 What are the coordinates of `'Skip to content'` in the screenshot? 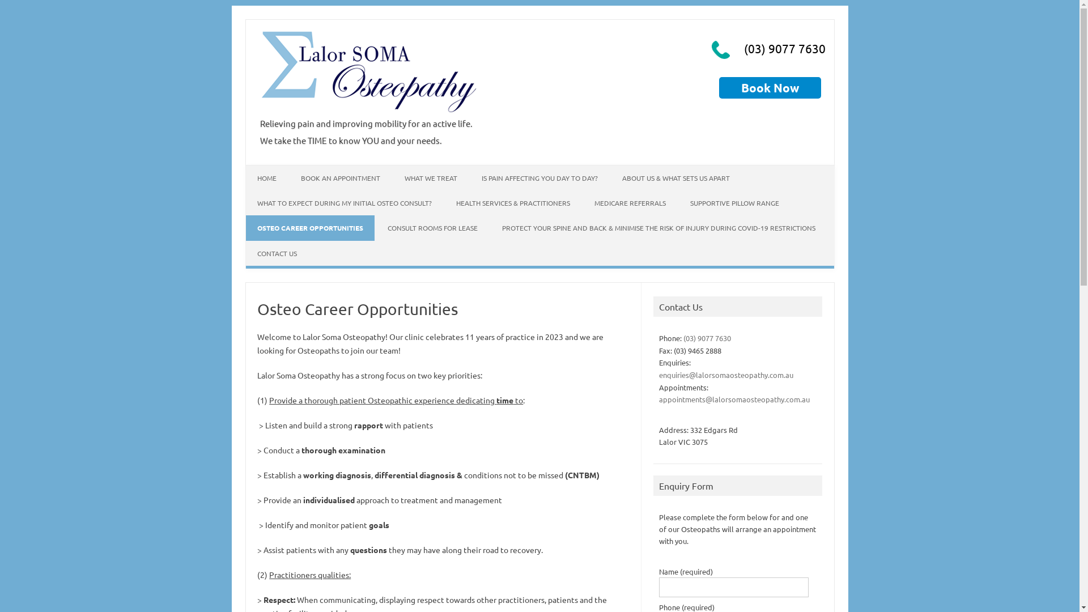 It's located at (273, 168).